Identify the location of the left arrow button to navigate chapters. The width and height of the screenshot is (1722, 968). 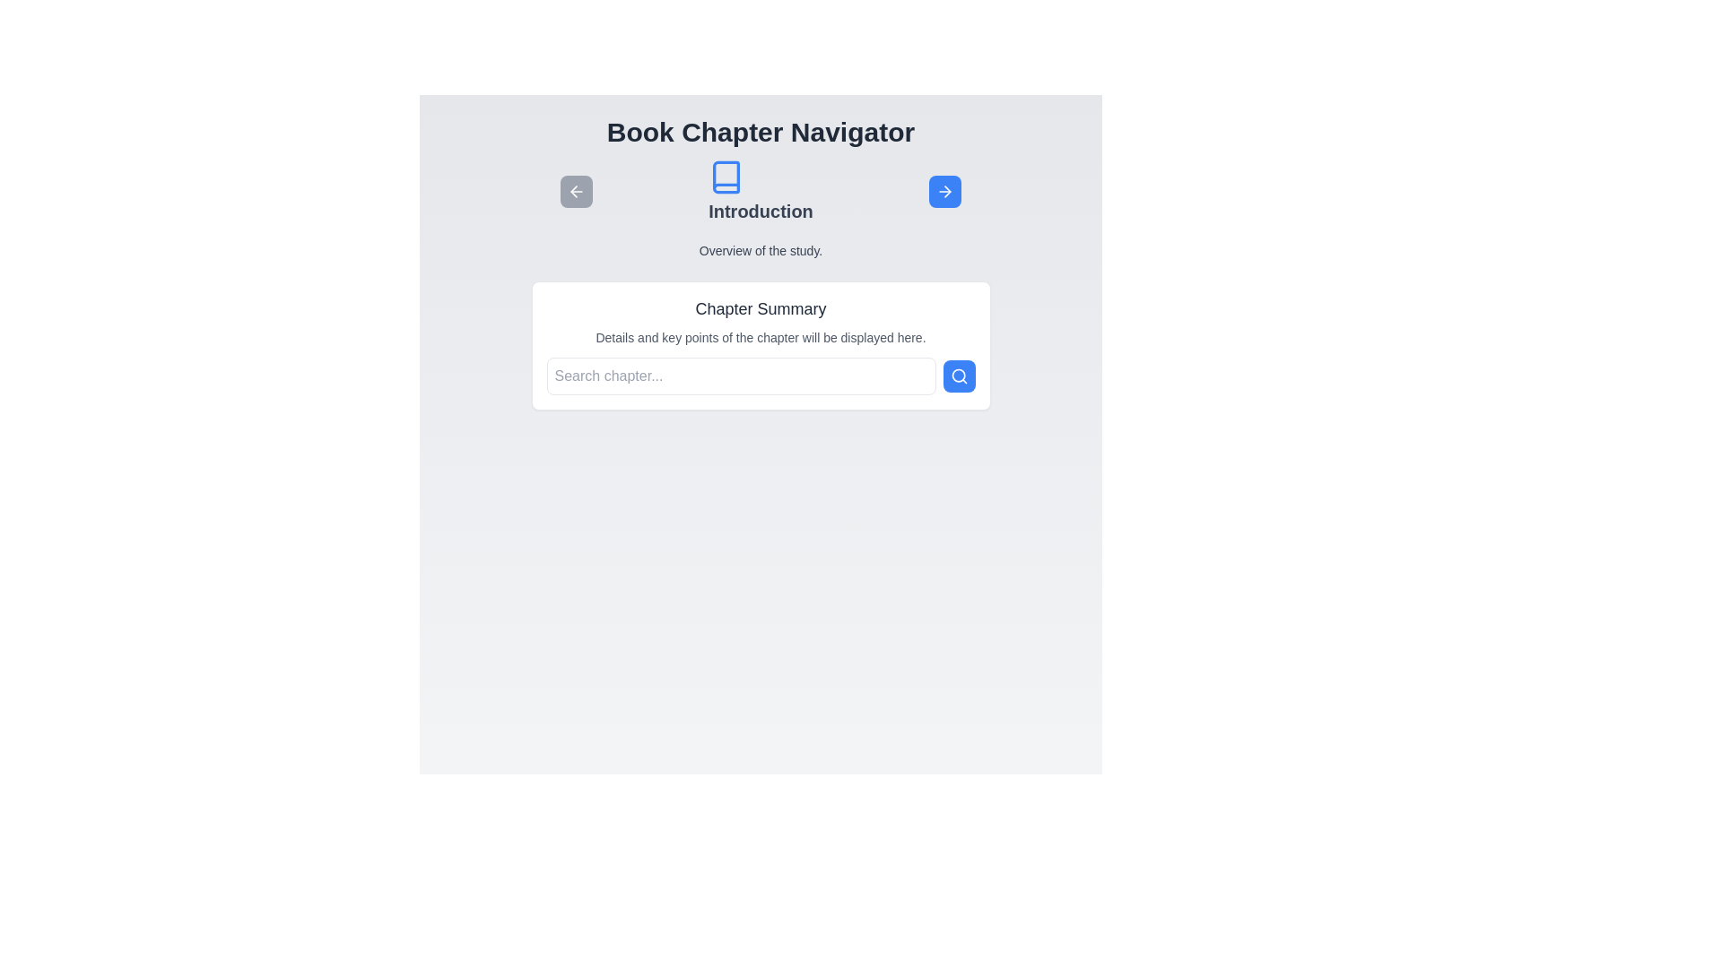
(576, 191).